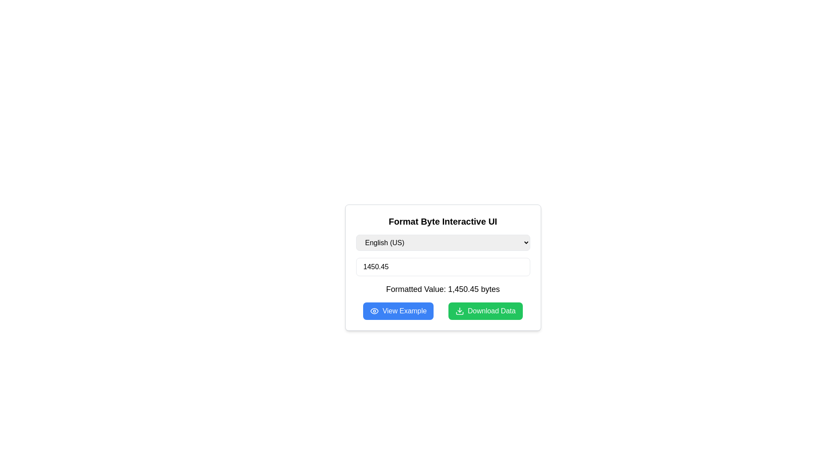 The image size is (840, 472). Describe the element at coordinates (398, 311) in the screenshot. I see `the prominently styled blue button labeled 'View Example' with an eye icon` at that location.